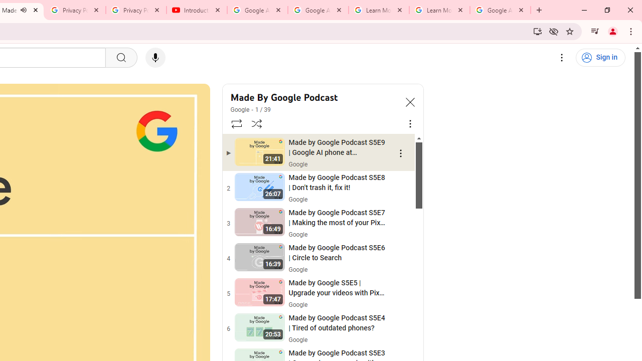  What do you see at coordinates (257, 123) in the screenshot?
I see `'Shuffle playlist'` at bounding box center [257, 123].